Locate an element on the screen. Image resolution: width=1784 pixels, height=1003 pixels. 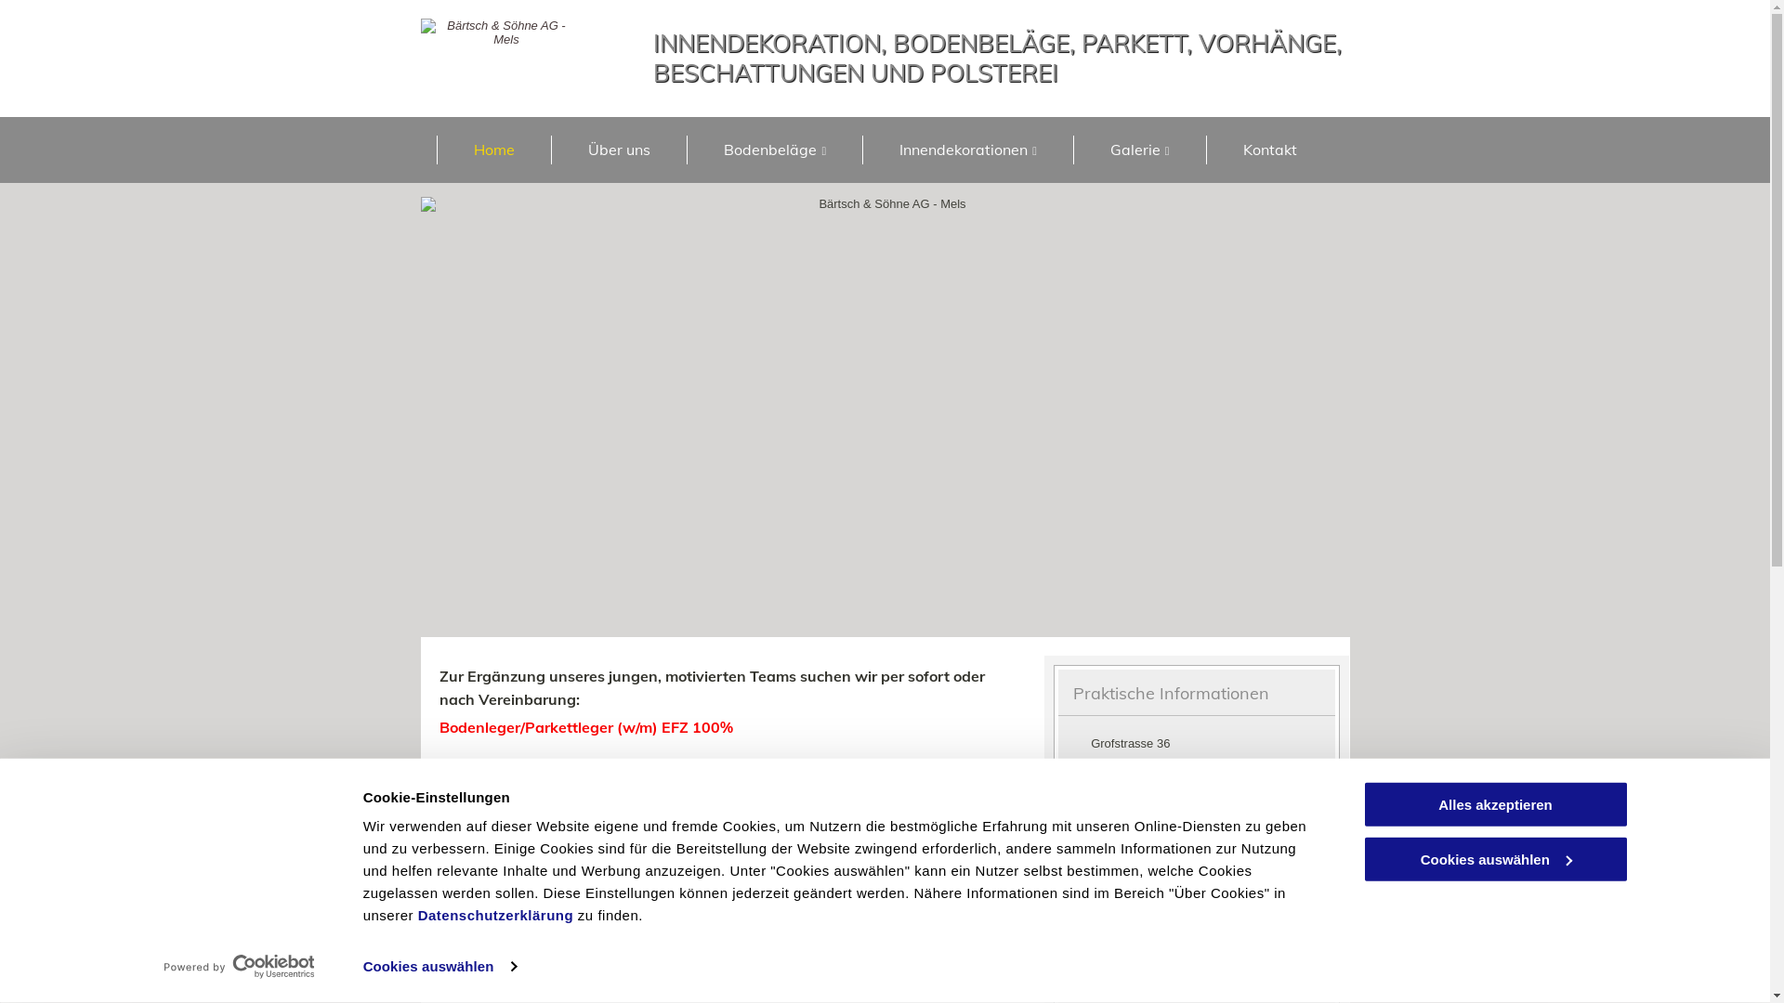
'079 423 12 70' is located at coordinates (1140, 822).